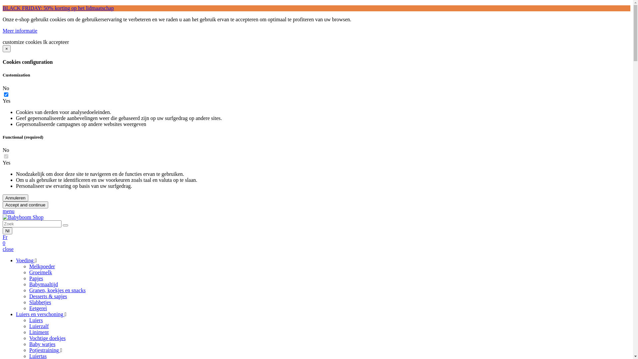 This screenshot has height=359, width=638. Describe the element at coordinates (15, 197) in the screenshot. I see `'Annuleren'` at that location.